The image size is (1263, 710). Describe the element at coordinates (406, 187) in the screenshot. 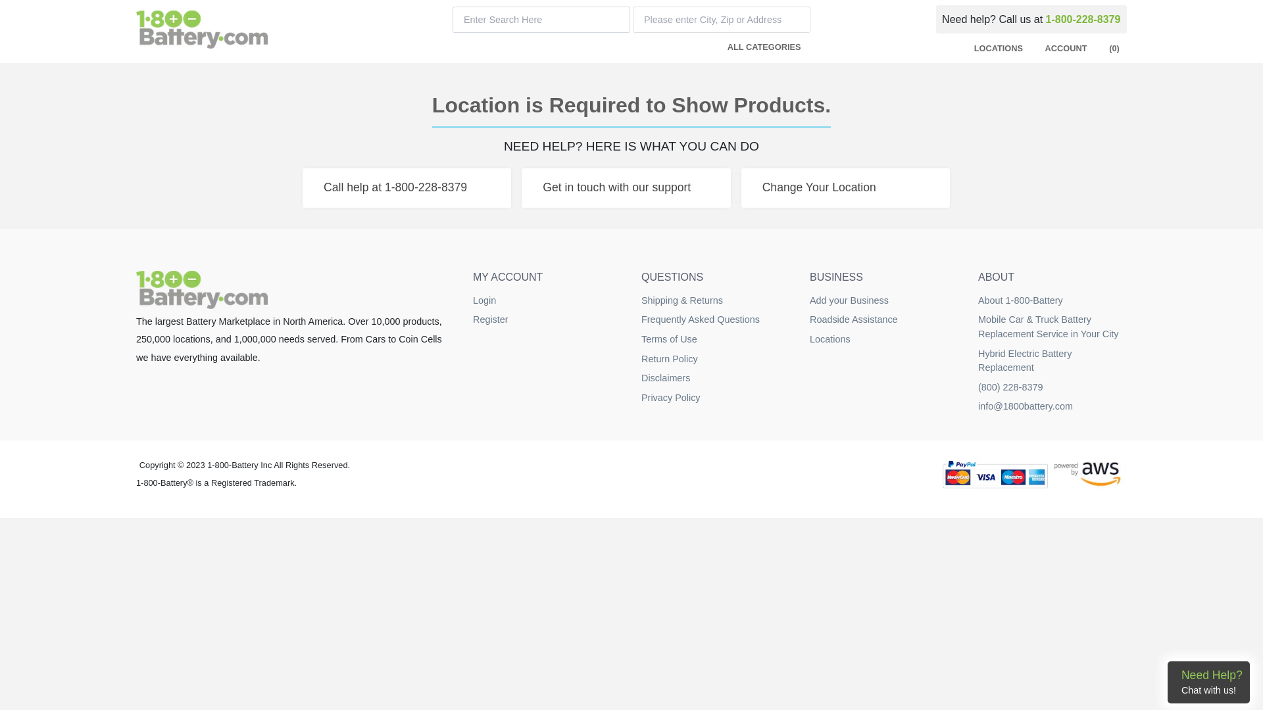

I see `'Call help at 1-800-228-8379'` at that location.